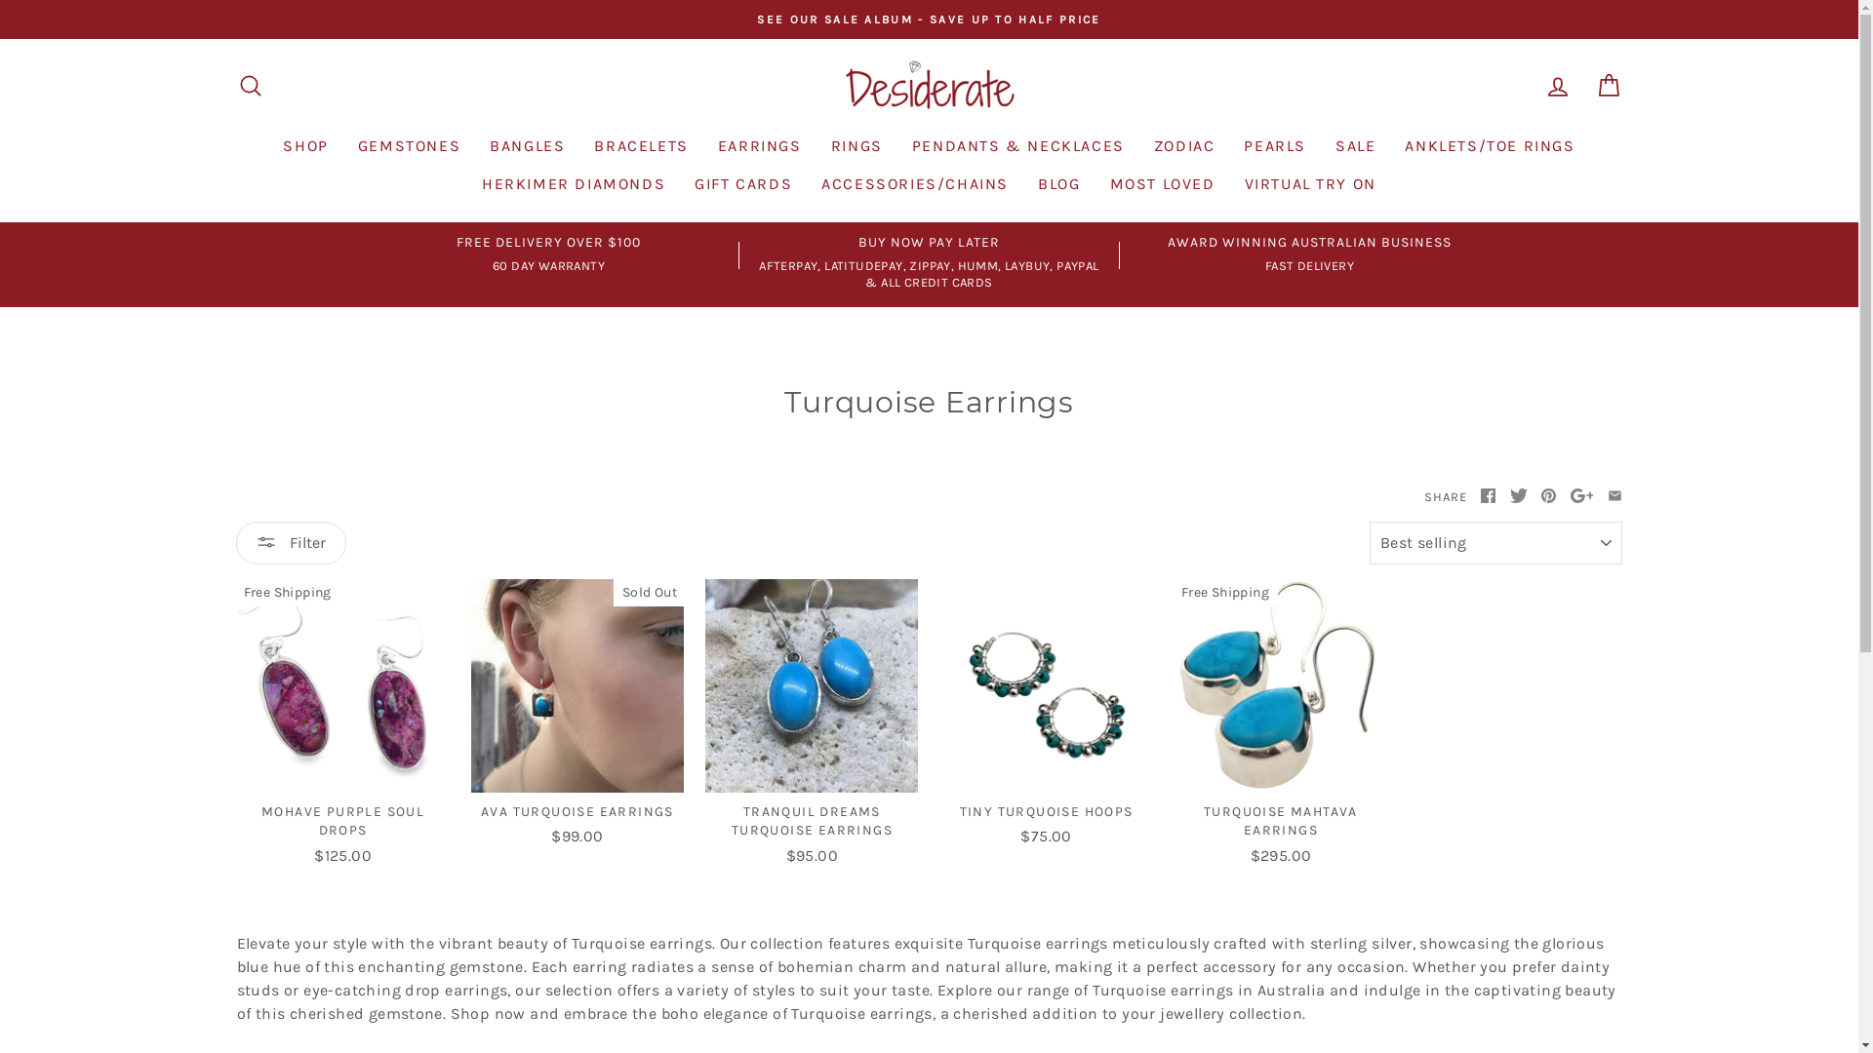 The height and width of the screenshot is (1053, 1873). I want to click on 'PENDANTS & NECKLACES', so click(1016, 144).